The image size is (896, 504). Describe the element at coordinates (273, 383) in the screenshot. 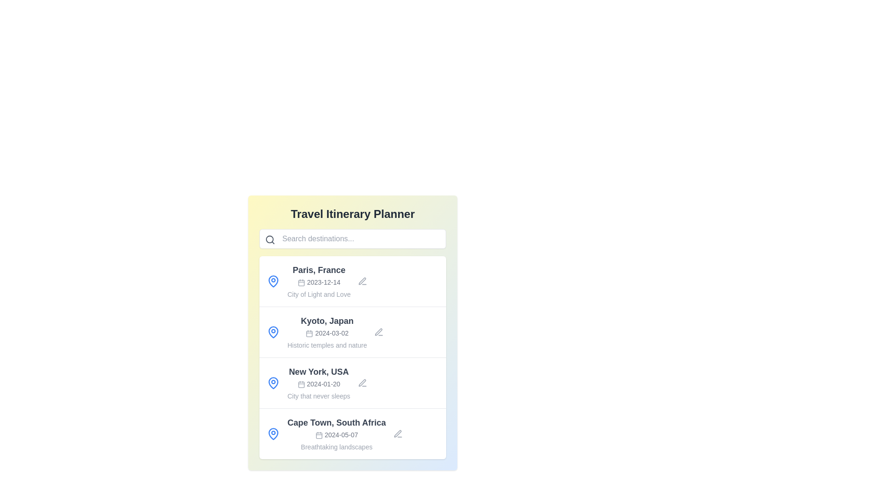

I see `the decorative geographical location icon next to the 'New York, USA' item in the list` at that location.